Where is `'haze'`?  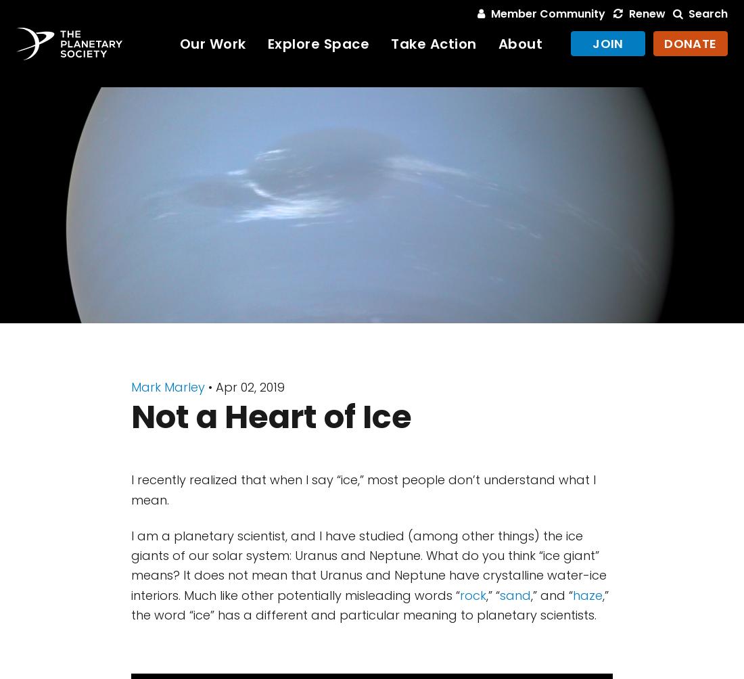
'haze' is located at coordinates (587, 594).